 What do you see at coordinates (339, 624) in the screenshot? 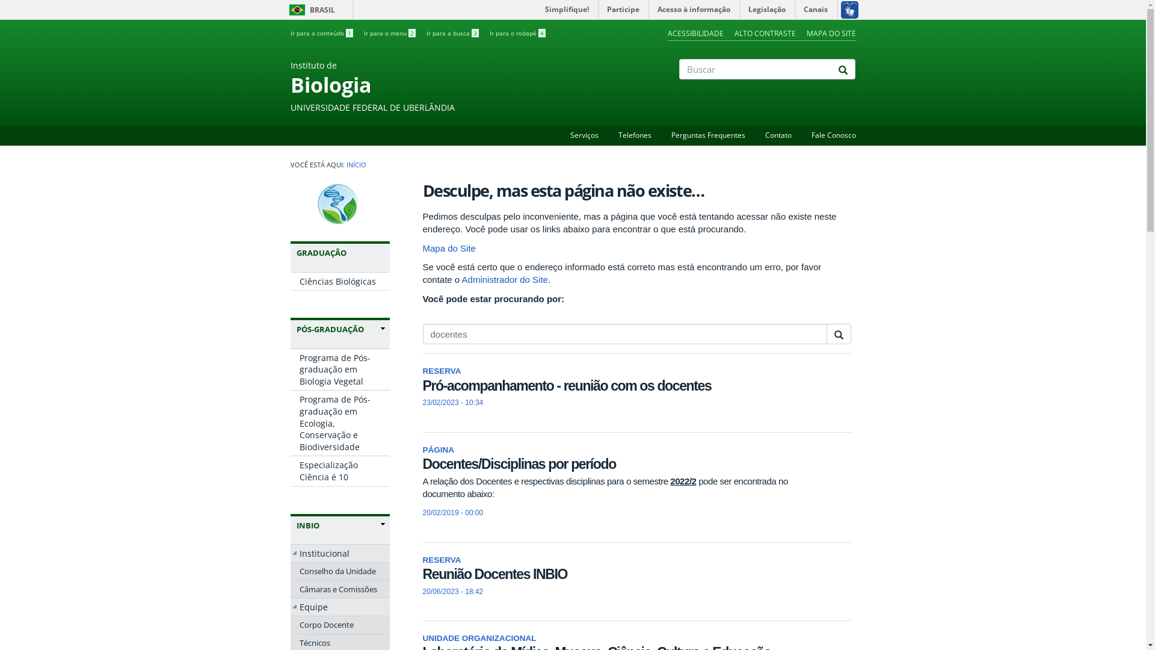
I see `'Corpo Docente'` at bounding box center [339, 624].